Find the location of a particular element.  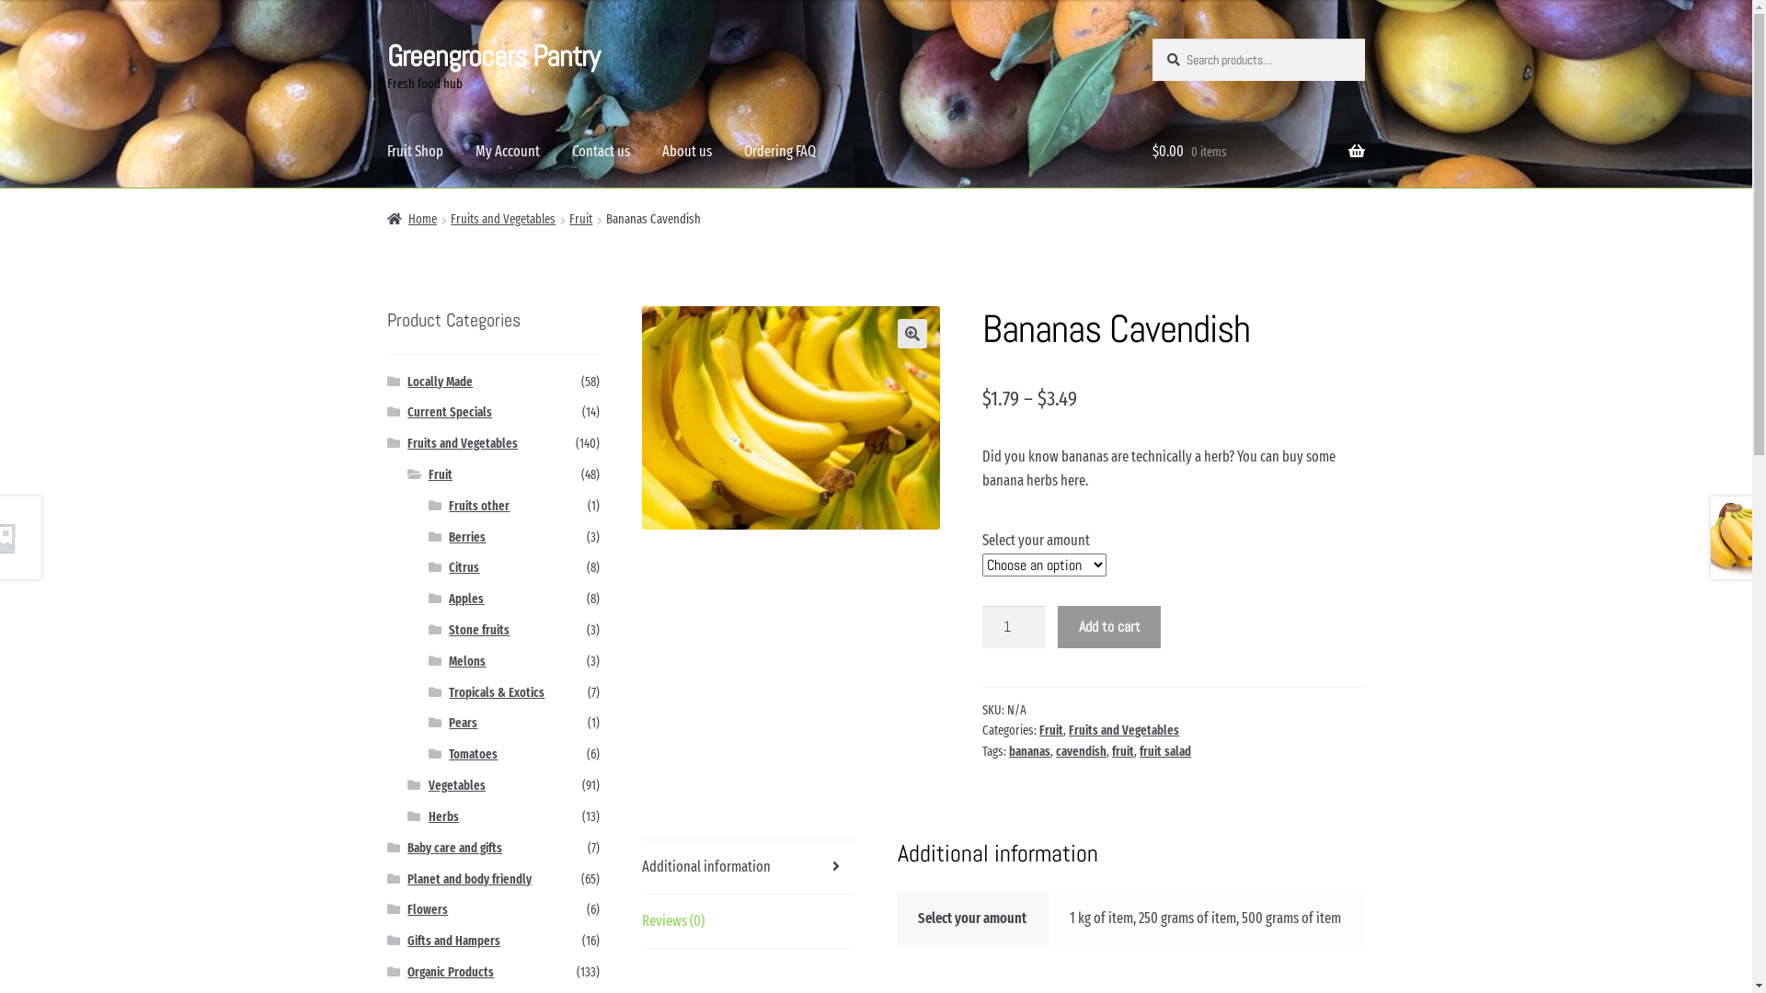

'bananas' is located at coordinates (1028, 751).